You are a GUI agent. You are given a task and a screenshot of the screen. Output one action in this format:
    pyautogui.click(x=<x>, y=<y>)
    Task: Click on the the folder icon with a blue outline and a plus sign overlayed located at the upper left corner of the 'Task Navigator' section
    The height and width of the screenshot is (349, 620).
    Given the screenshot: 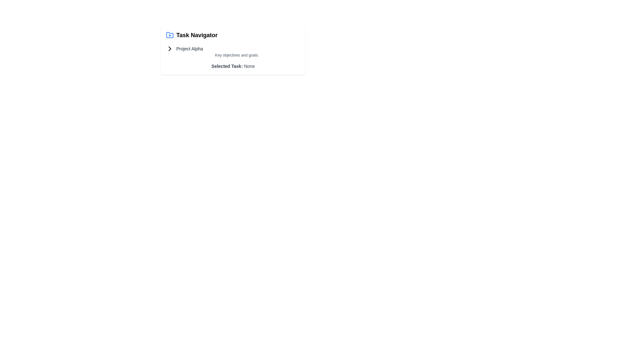 What is the action you would take?
    pyautogui.click(x=170, y=35)
    